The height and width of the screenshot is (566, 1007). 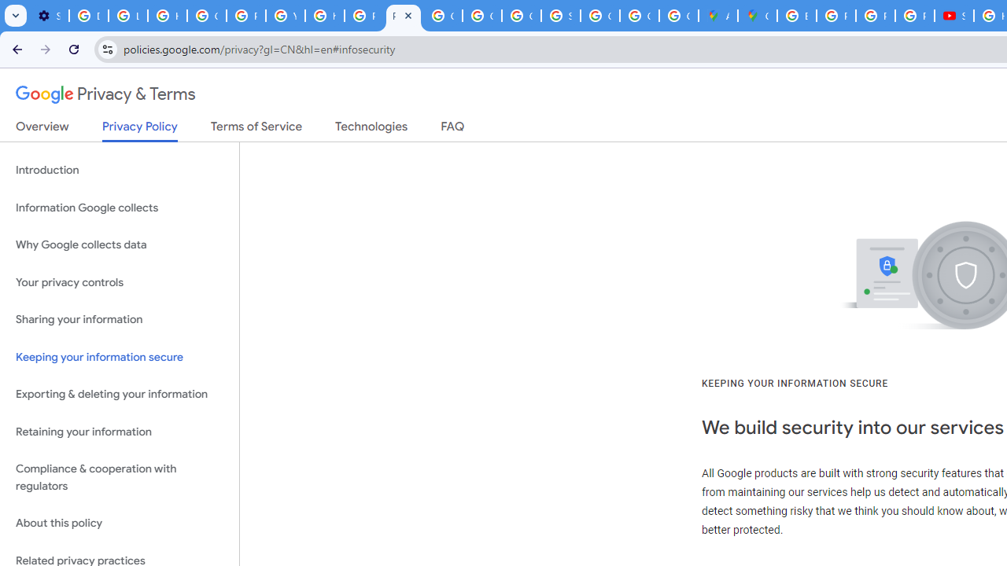 I want to click on 'Delete photos & videos - Computer - Google Photos Help', so click(x=88, y=16).